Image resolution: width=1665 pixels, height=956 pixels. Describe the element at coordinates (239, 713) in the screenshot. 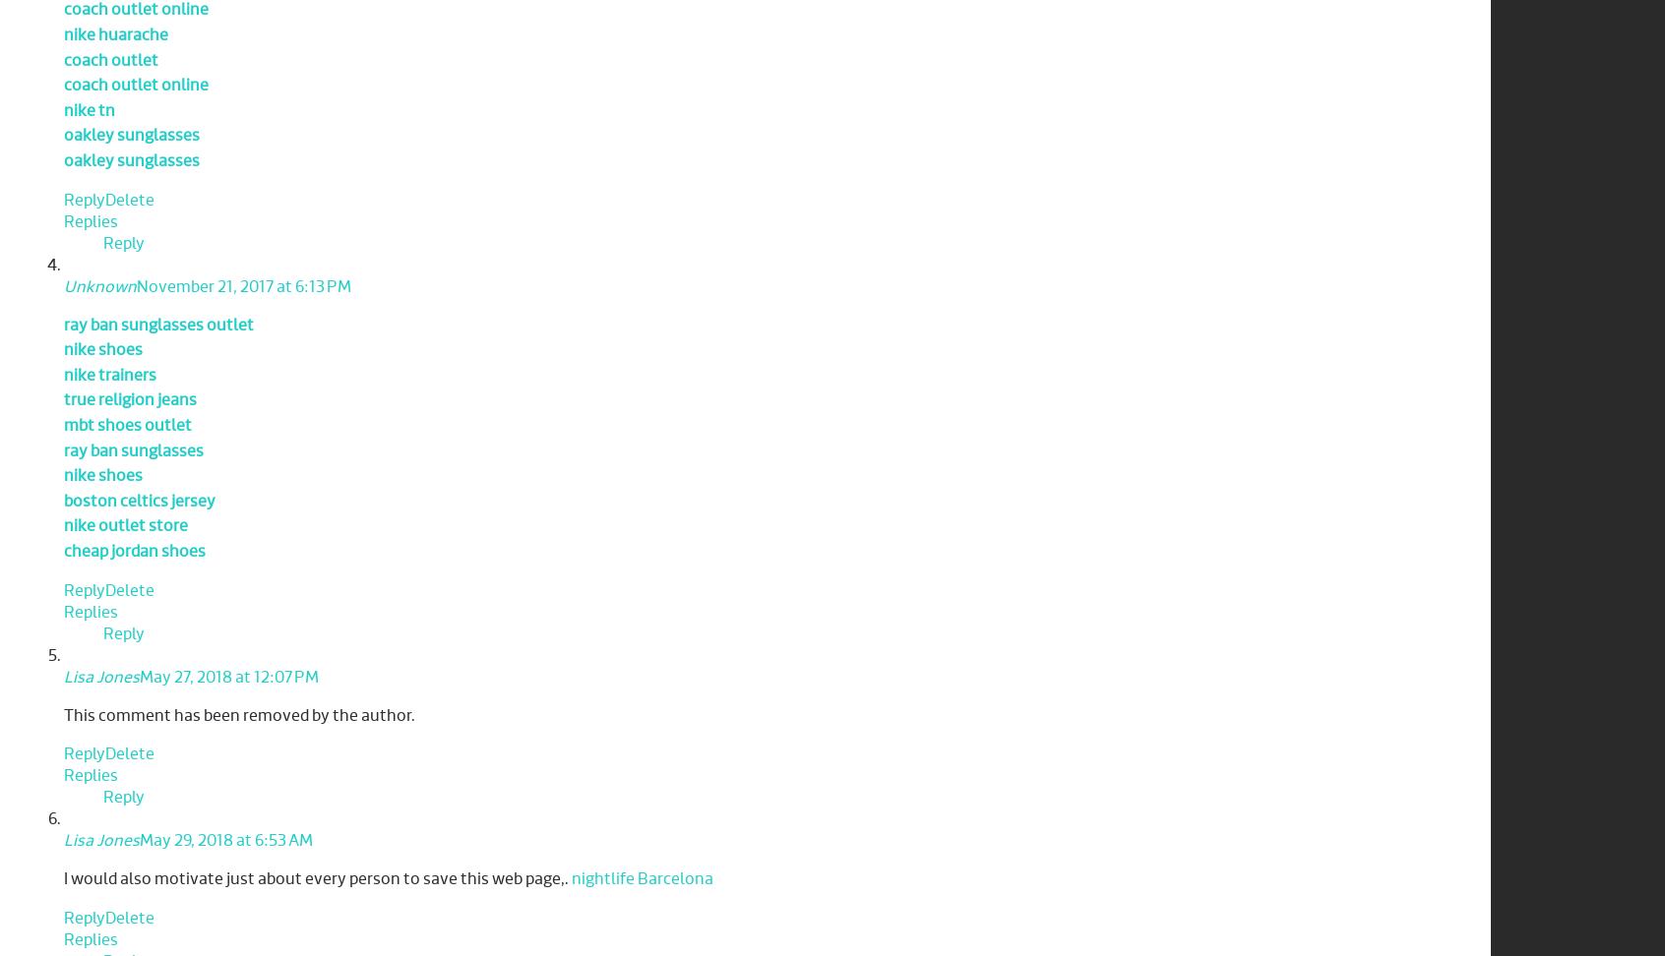

I see `'This comment has been removed by the author.'` at that location.